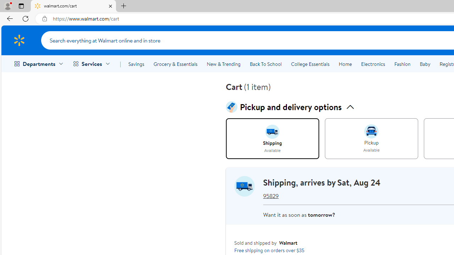 The image size is (454, 255). I want to click on 'Baby', so click(425, 64).